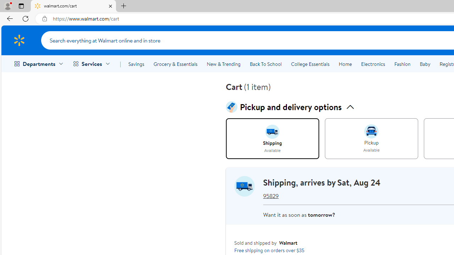 The image size is (454, 255). I want to click on 'Baby', so click(425, 64).